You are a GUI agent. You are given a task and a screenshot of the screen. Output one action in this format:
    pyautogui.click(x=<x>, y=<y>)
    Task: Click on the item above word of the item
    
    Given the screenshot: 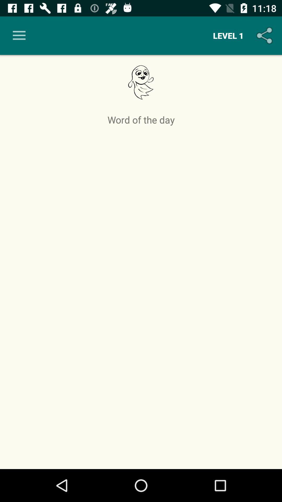 What is the action you would take?
    pyautogui.click(x=228, y=35)
    